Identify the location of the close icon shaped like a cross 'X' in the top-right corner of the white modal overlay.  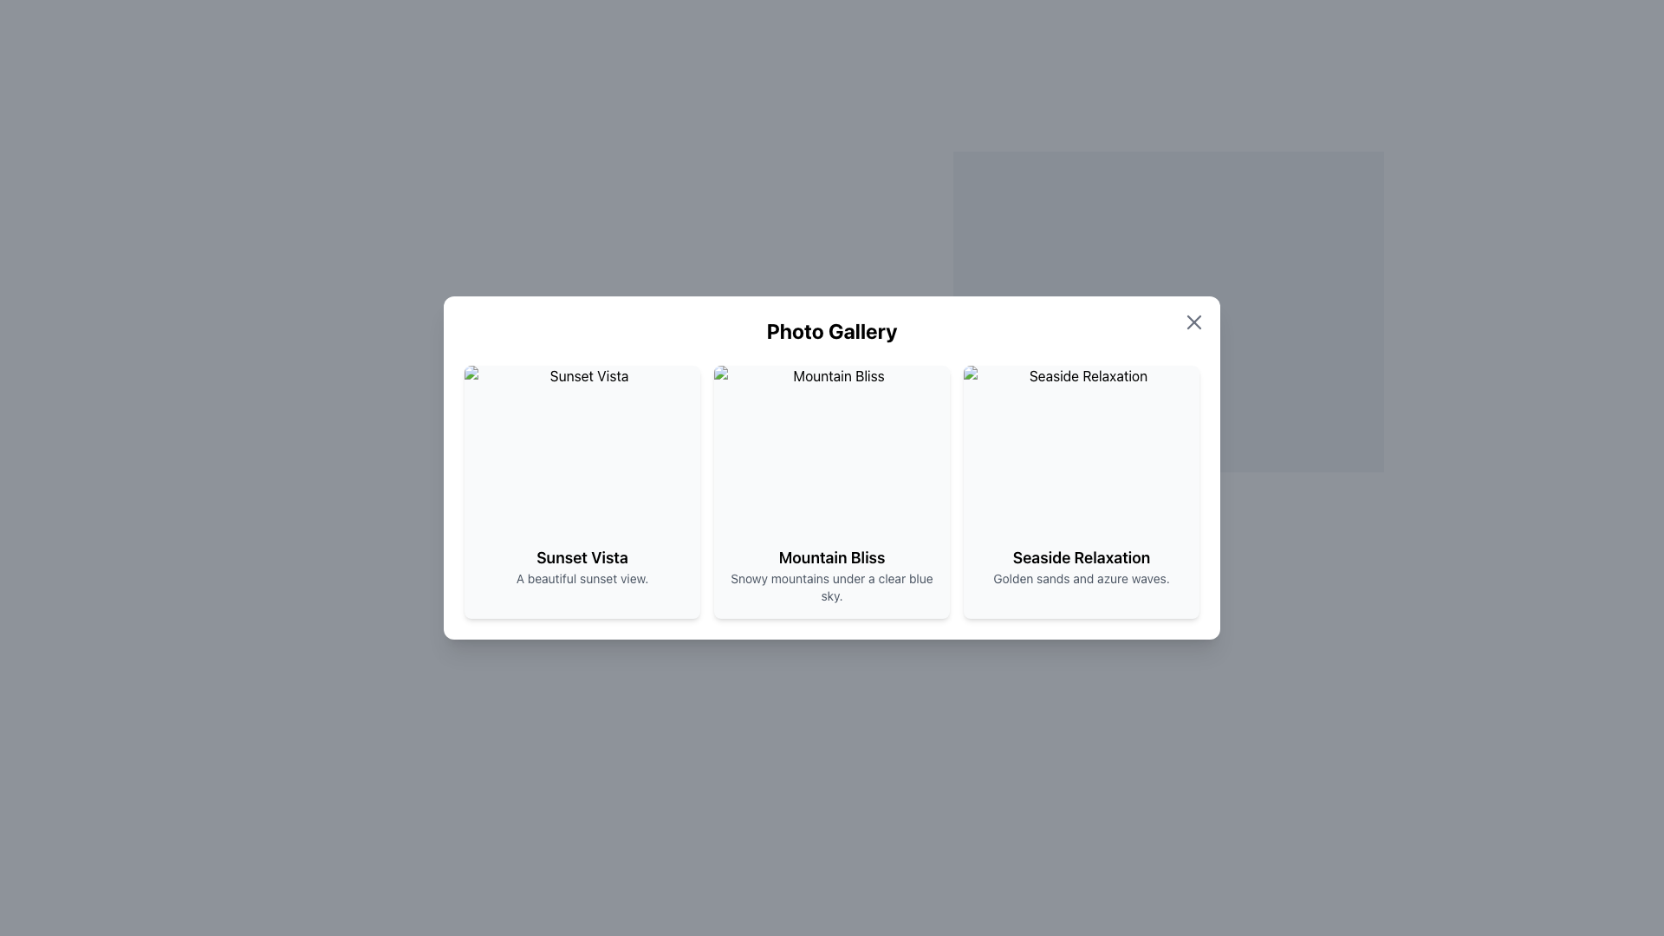
(1193, 322).